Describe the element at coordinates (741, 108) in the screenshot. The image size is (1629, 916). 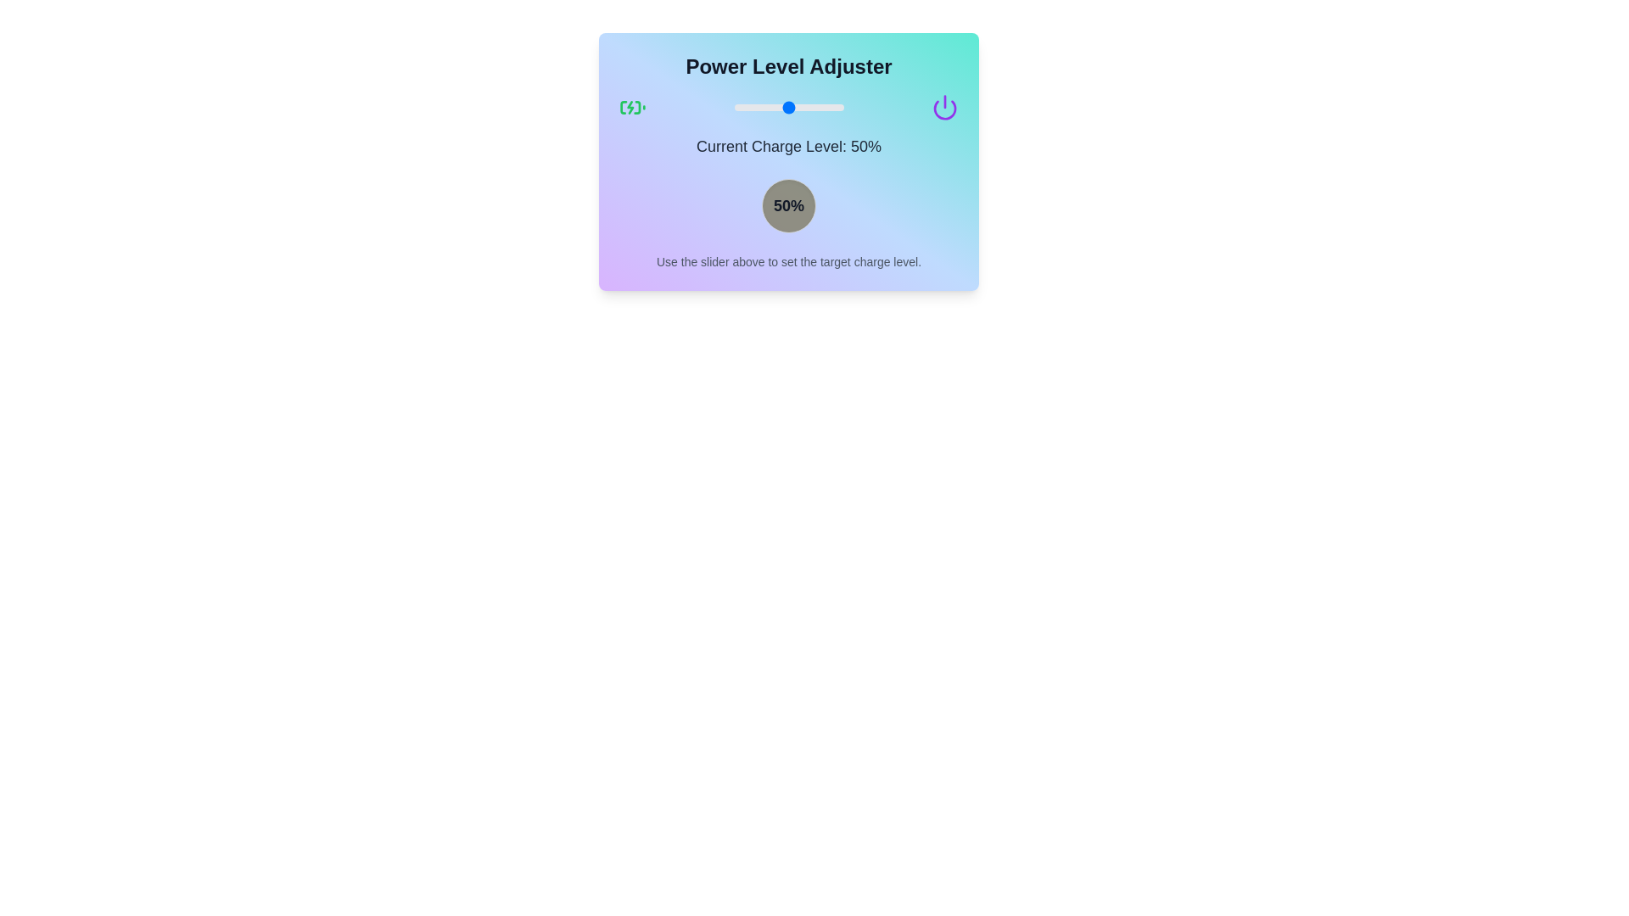
I see `the power level` at that location.